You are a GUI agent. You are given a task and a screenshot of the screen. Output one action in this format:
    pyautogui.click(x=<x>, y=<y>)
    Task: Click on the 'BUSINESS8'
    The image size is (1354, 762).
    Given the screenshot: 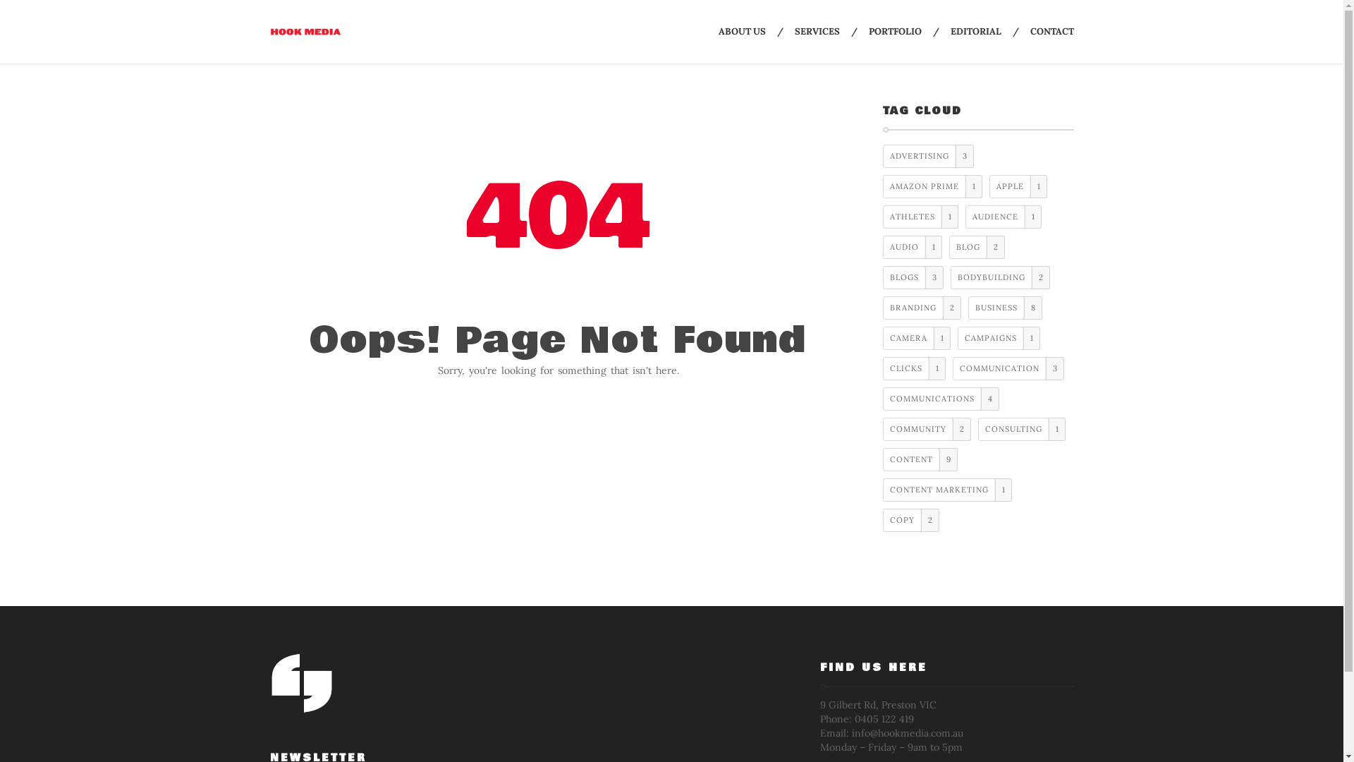 What is the action you would take?
    pyautogui.click(x=1004, y=307)
    